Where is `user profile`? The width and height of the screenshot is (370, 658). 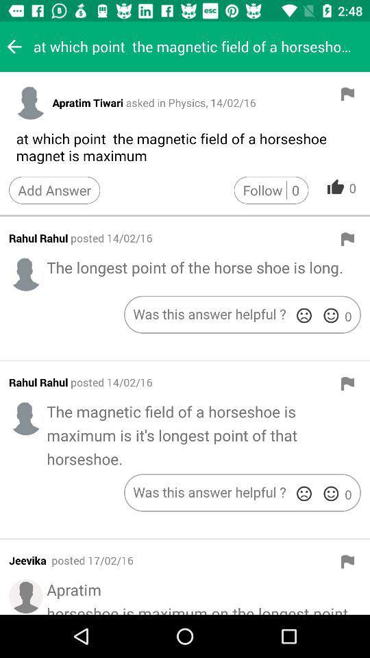 user profile is located at coordinates (30, 101).